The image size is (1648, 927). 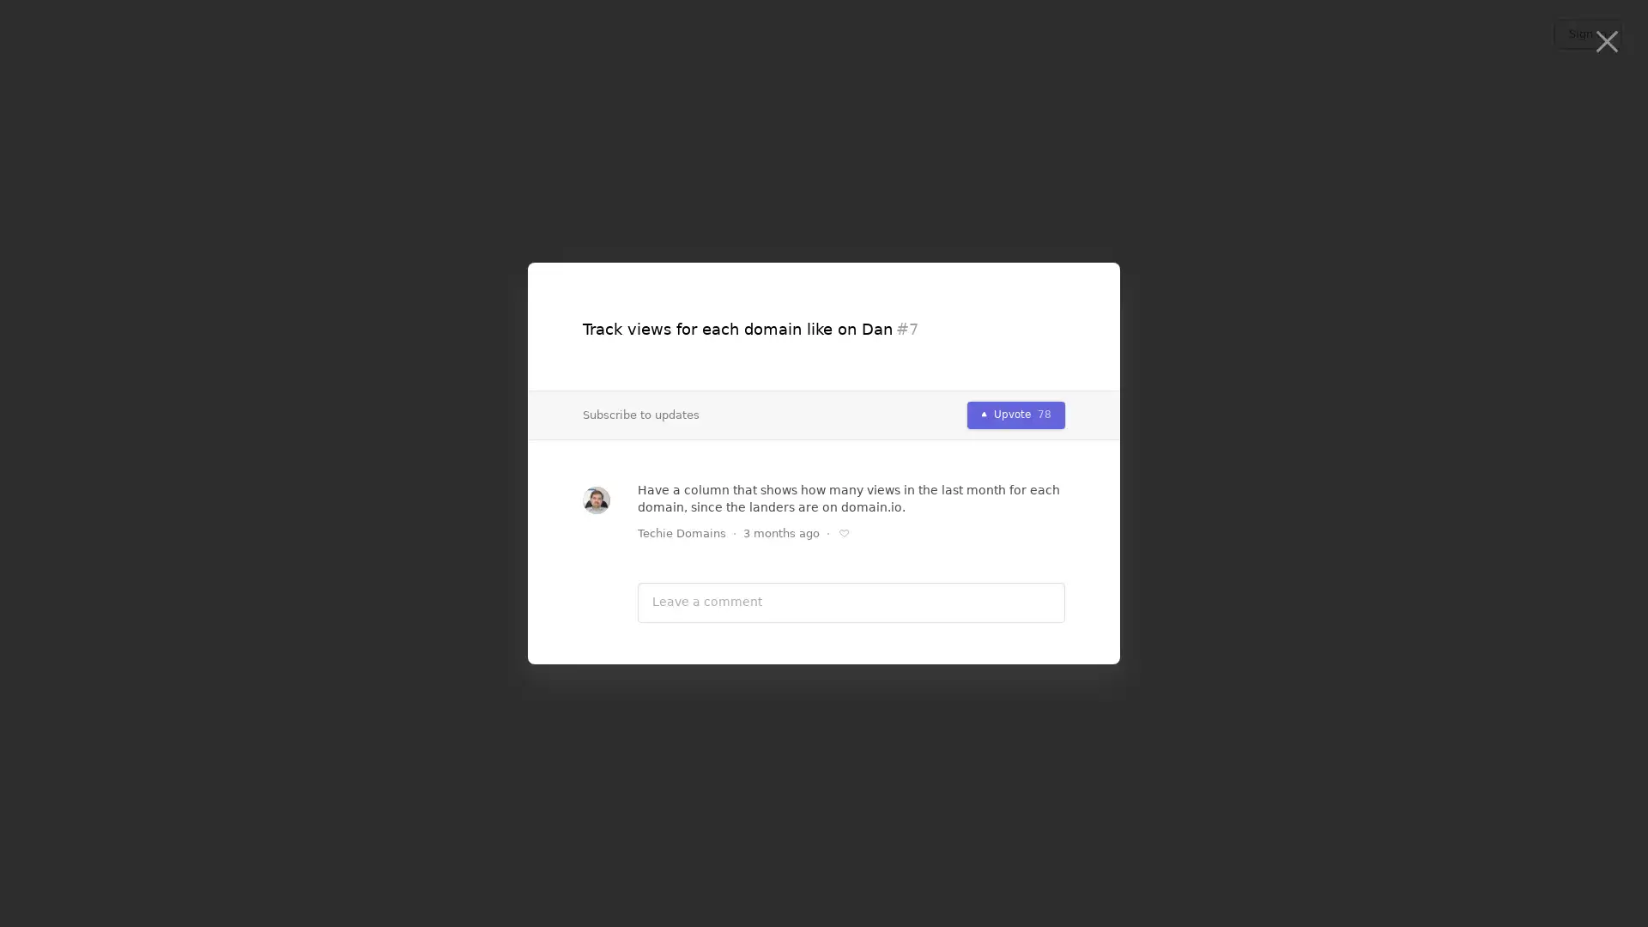 What do you see at coordinates (1586, 33) in the screenshot?
I see `Sign in` at bounding box center [1586, 33].